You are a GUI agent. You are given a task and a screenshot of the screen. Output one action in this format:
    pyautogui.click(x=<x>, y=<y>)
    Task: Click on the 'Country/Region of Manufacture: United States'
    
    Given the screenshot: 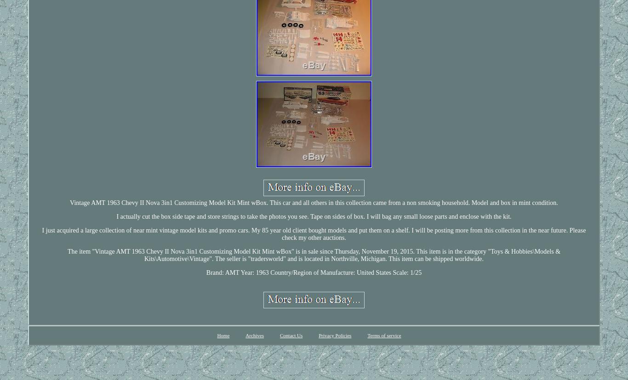 What is the action you would take?
    pyautogui.click(x=331, y=272)
    